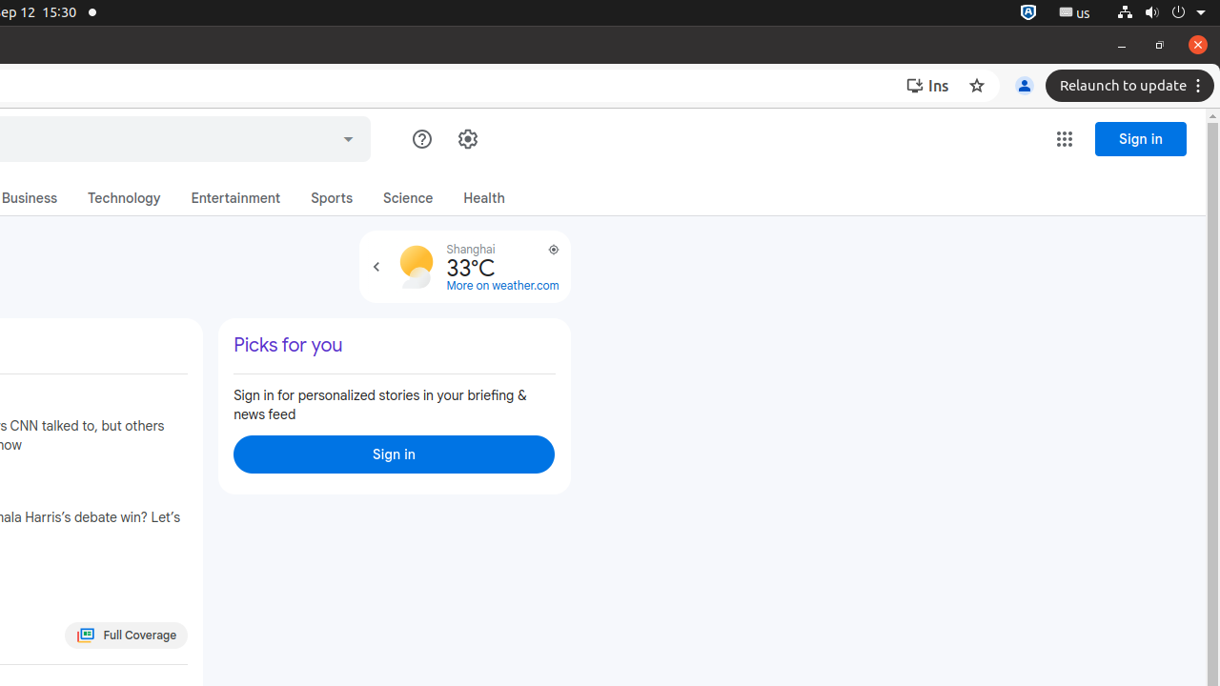 The height and width of the screenshot is (686, 1220). Describe the element at coordinates (29, 198) in the screenshot. I see `'Business'` at that location.